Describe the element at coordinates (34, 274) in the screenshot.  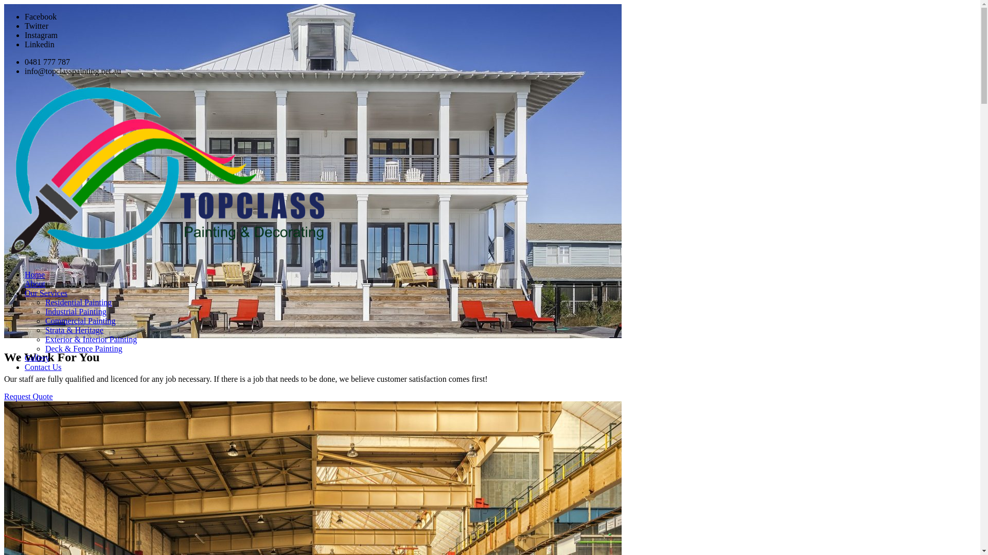
I see `'Home'` at that location.